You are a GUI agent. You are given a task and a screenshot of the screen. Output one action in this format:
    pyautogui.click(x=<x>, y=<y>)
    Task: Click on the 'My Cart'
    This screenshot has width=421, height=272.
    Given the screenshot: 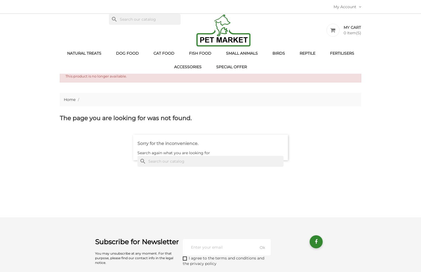 What is the action you would take?
    pyautogui.click(x=351, y=27)
    